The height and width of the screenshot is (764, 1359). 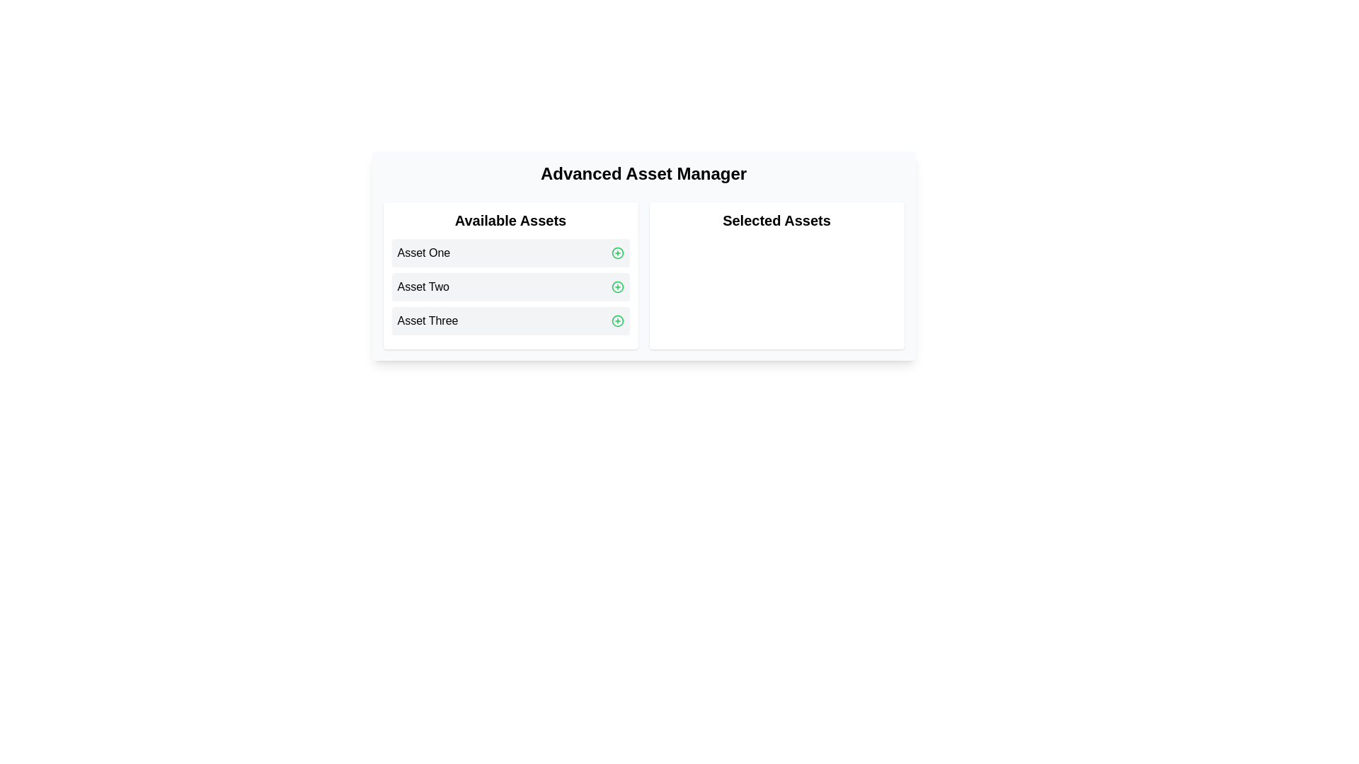 What do you see at coordinates (617, 286) in the screenshot?
I see `the green circular '+' icon` at bounding box center [617, 286].